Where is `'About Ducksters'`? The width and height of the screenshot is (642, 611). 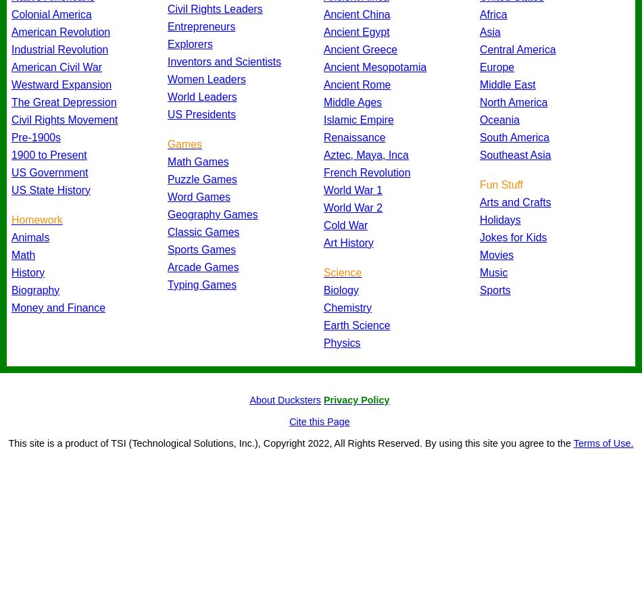 'About Ducksters' is located at coordinates (284, 399).